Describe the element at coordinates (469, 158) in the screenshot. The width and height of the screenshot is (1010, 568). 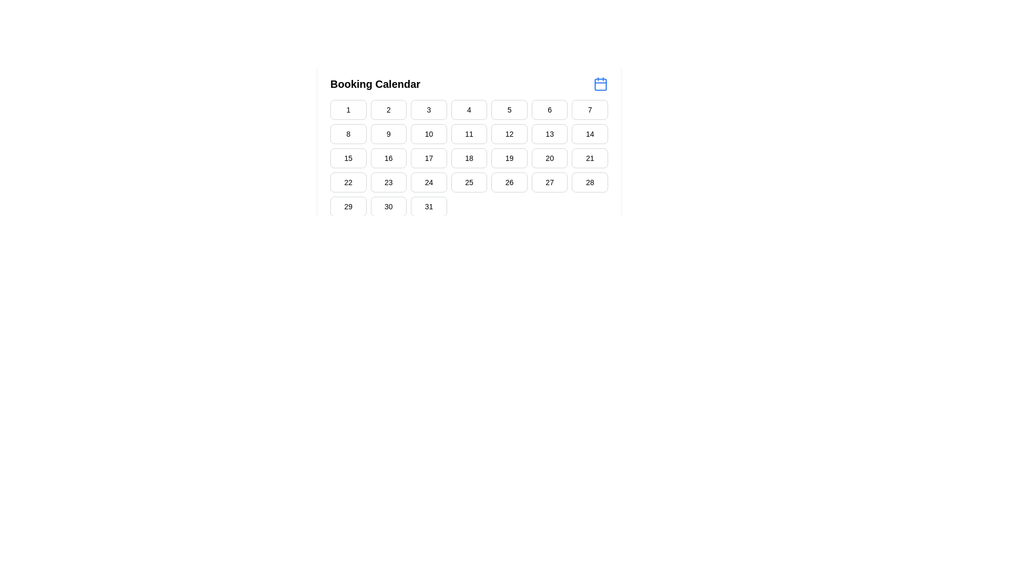
I see `the button in the calendar interface that selects the date '18'. This button is located in the third row and fourth column of the grid, adjacent to buttons for dates '17' and '19'` at that location.